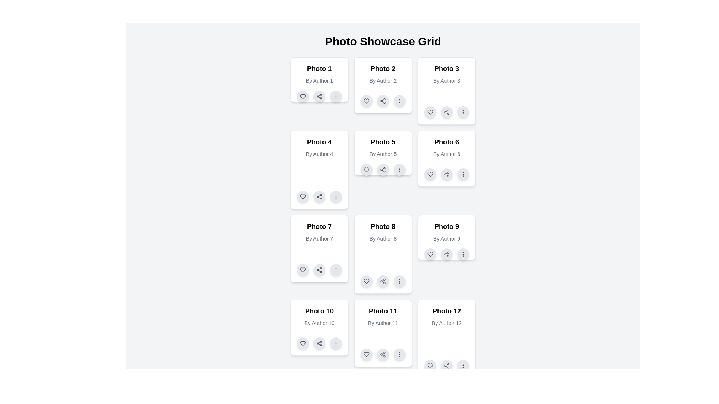 The height and width of the screenshot is (404, 719). I want to click on the circular share button with a gray background located in the middle row, second column of the button group for Photo 4 to share, so click(319, 196).